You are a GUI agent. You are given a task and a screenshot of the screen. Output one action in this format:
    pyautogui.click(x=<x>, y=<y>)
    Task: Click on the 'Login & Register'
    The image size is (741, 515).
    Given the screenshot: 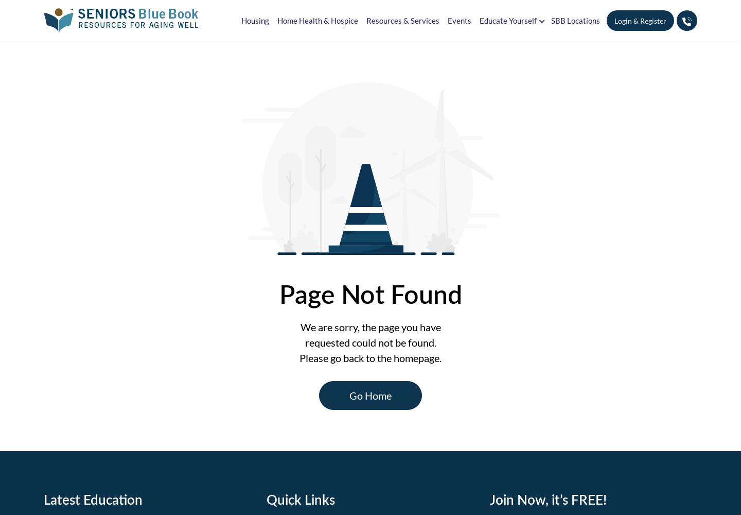 What is the action you would take?
    pyautogui.click(x=640, y=21)
    